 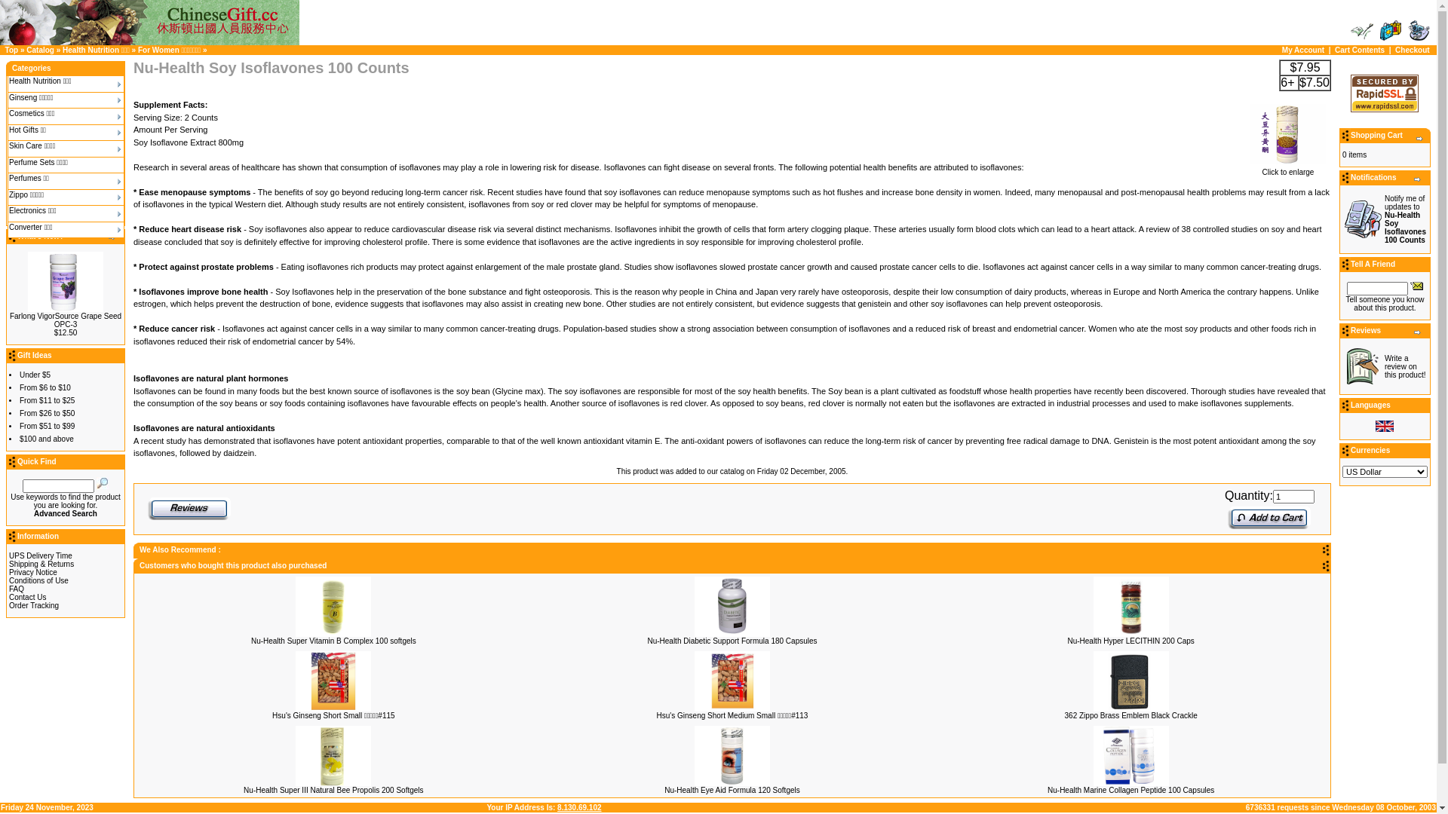 What do you see at coordinates (332, 755) in the screenshot?
I see `' Nu-Health Super III Natural Bee Propolis 200 Softgels '` at bounding box center [332, 755].